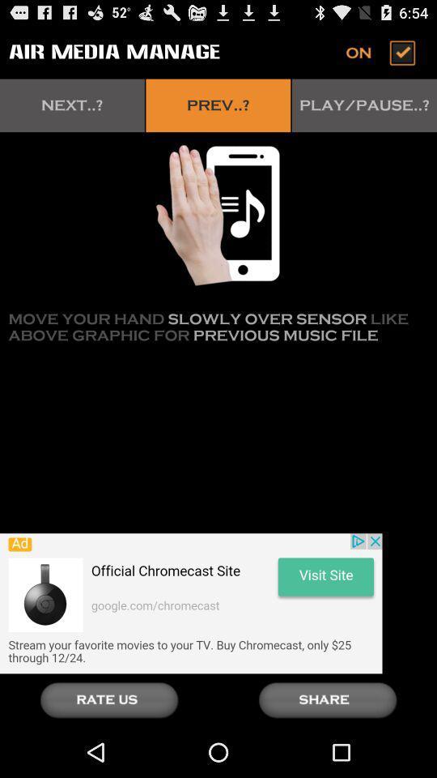  What do you see at coordinates (382, 52) in the screenshot?
I see `air media manage` at bounding box center [382, 52].